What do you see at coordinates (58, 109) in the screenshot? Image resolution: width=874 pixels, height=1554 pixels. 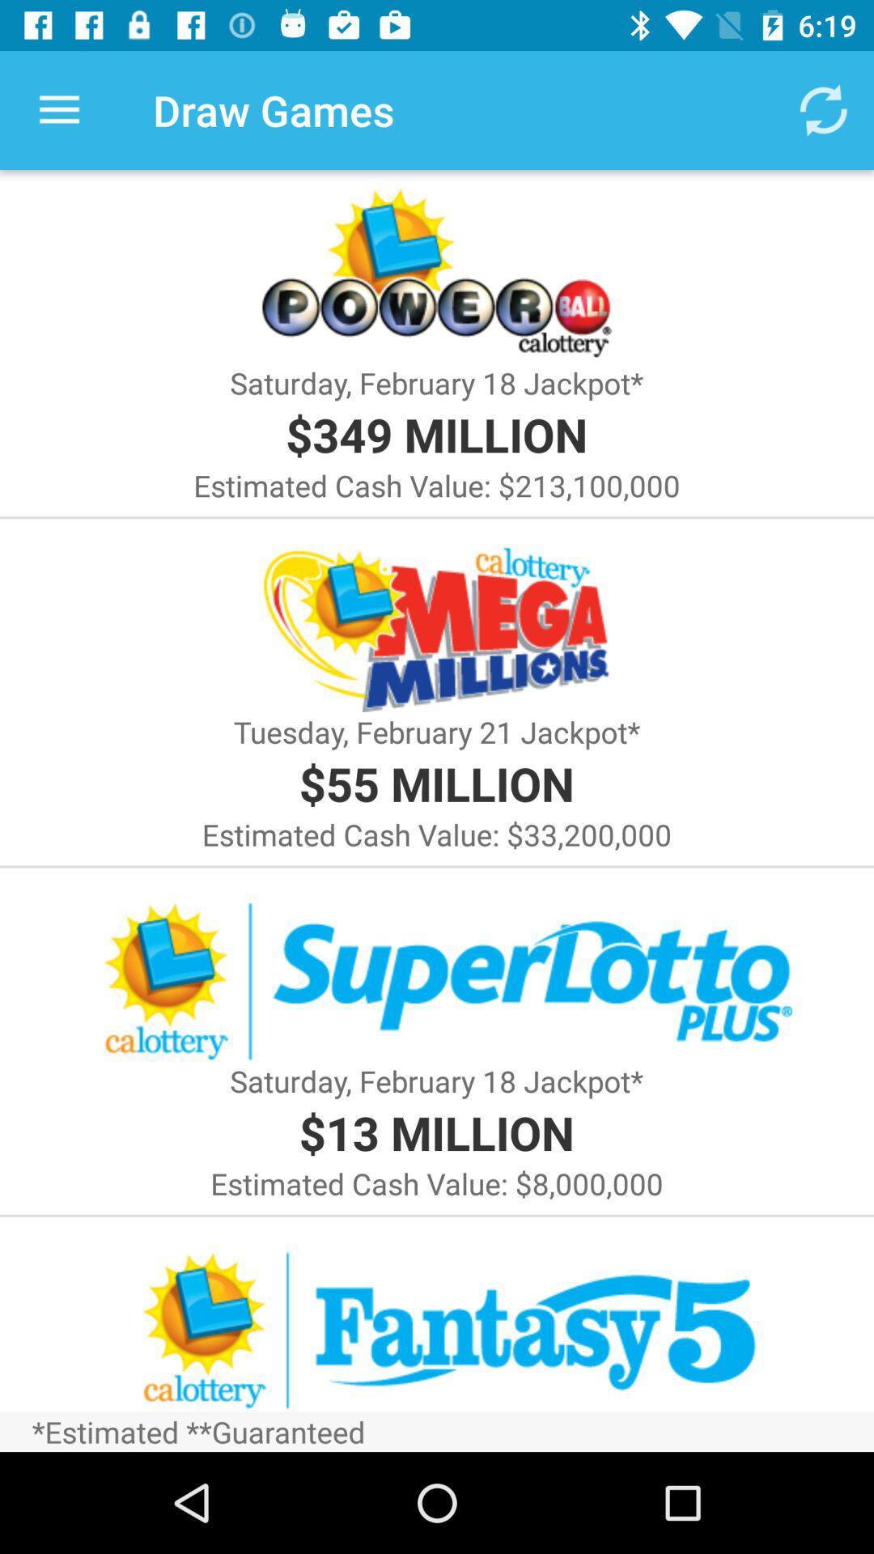 I see `the app next to draw games icon` at bounding box center [58, 109].